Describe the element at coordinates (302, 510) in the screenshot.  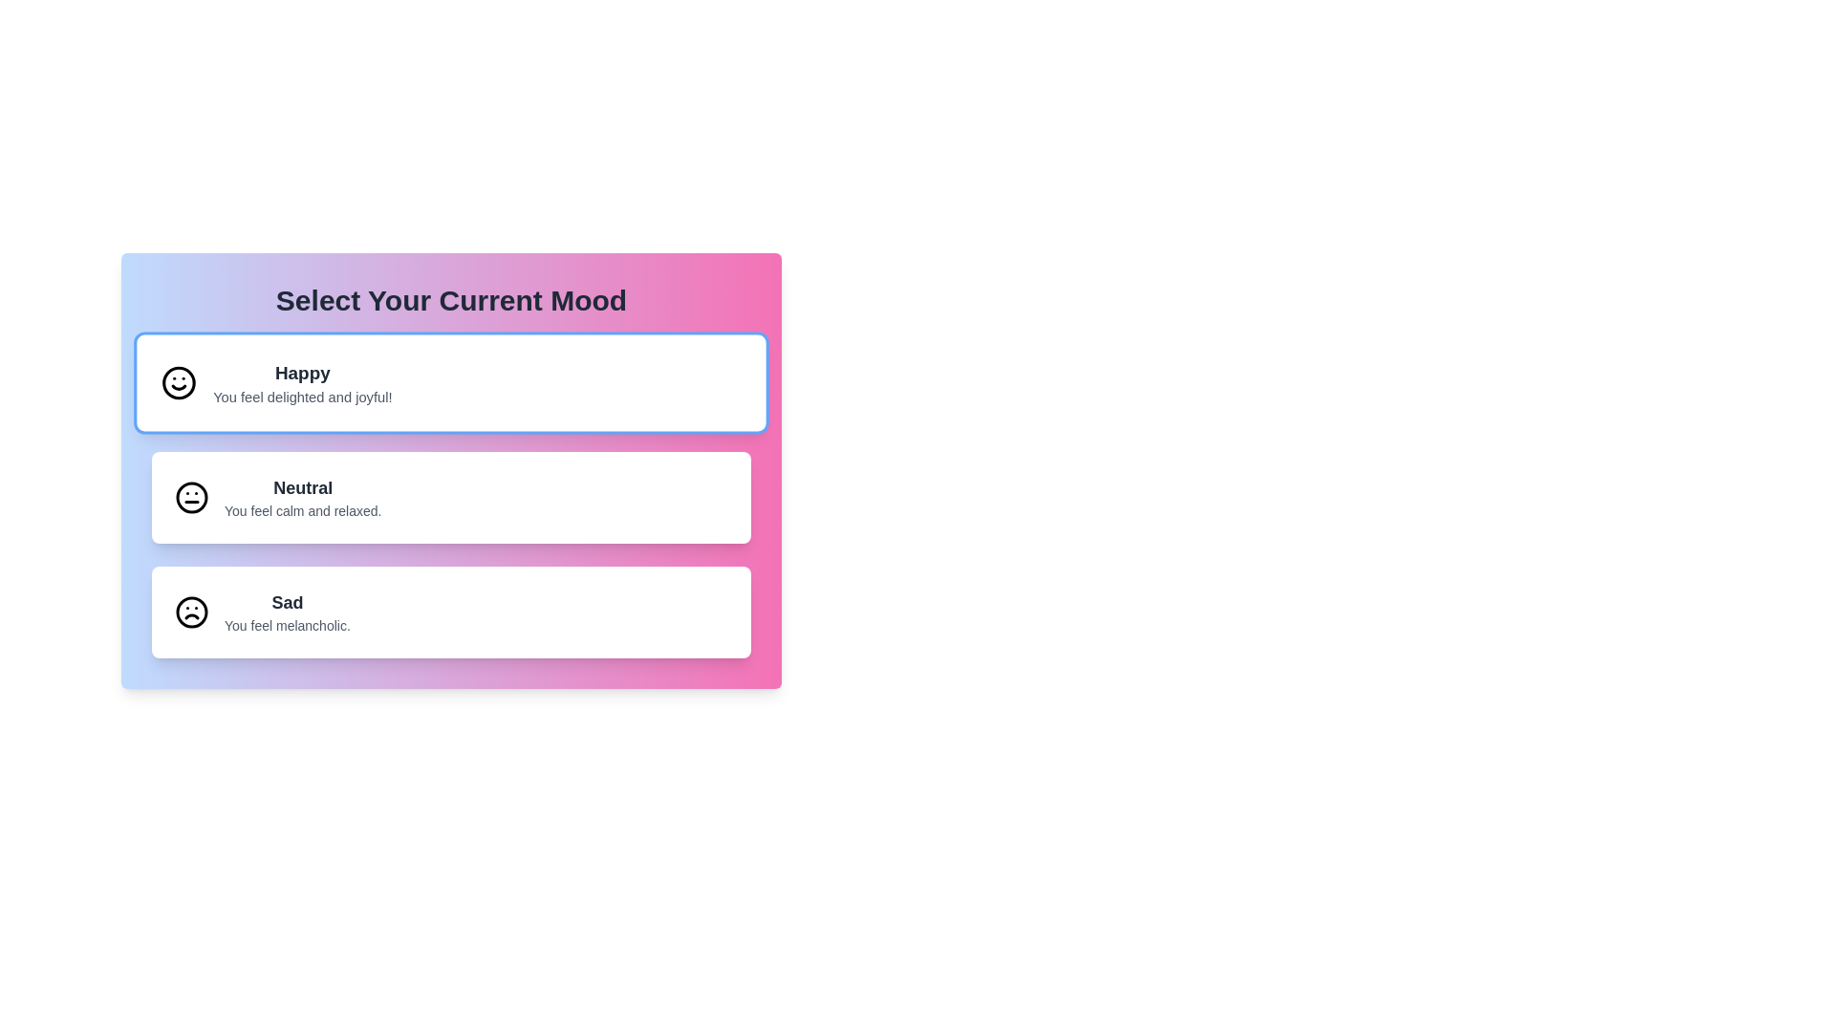
I see `the description text that provides additional context about the 'Neutral' mood option, located directly below the 'Neutral' title` at that location.